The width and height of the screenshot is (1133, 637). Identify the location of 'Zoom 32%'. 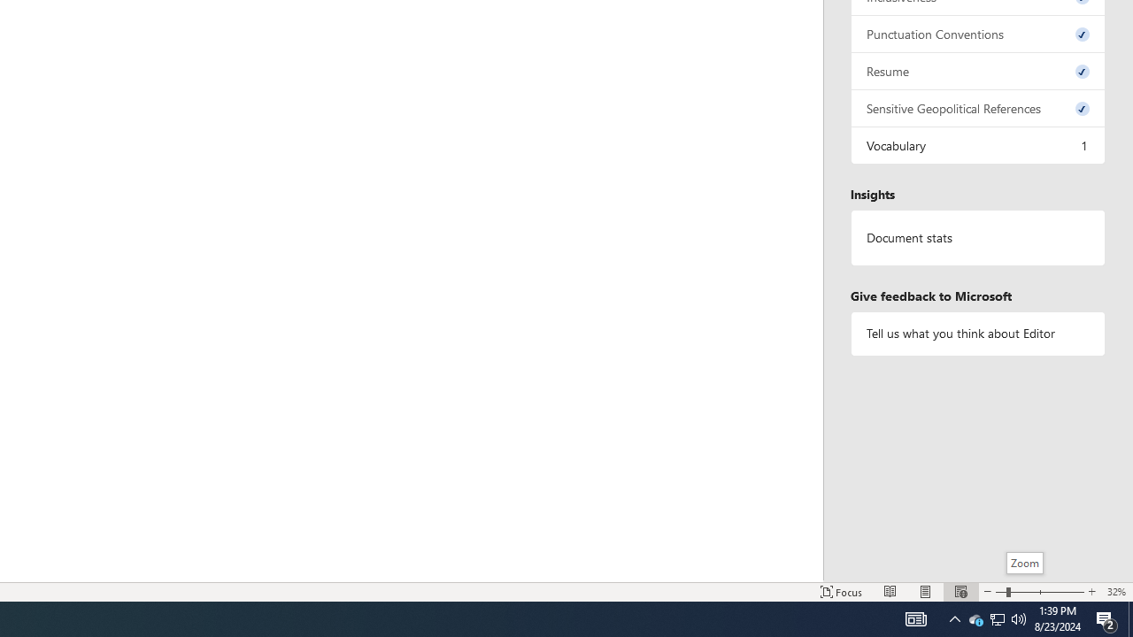
(1115, 592).